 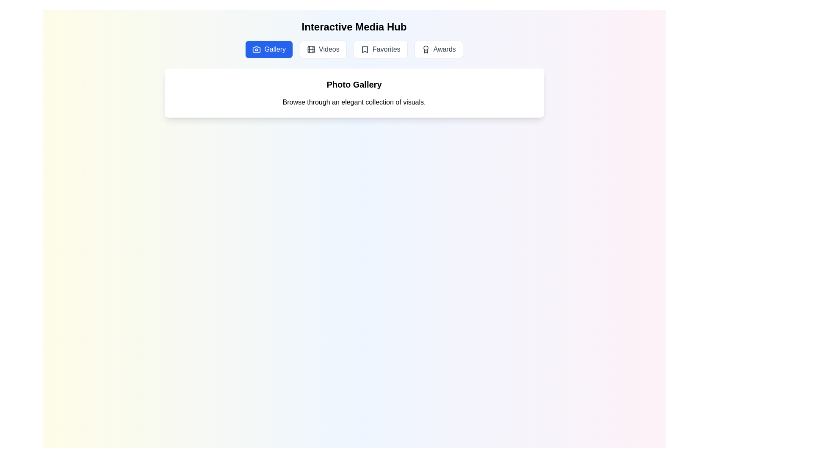 What do you see at coordinates (311, 49) in the screenshot?
I see `the central rectangle of the film-strip icon within the 'Videos' button in the top navigation bar` at bounding box center [311, 49].